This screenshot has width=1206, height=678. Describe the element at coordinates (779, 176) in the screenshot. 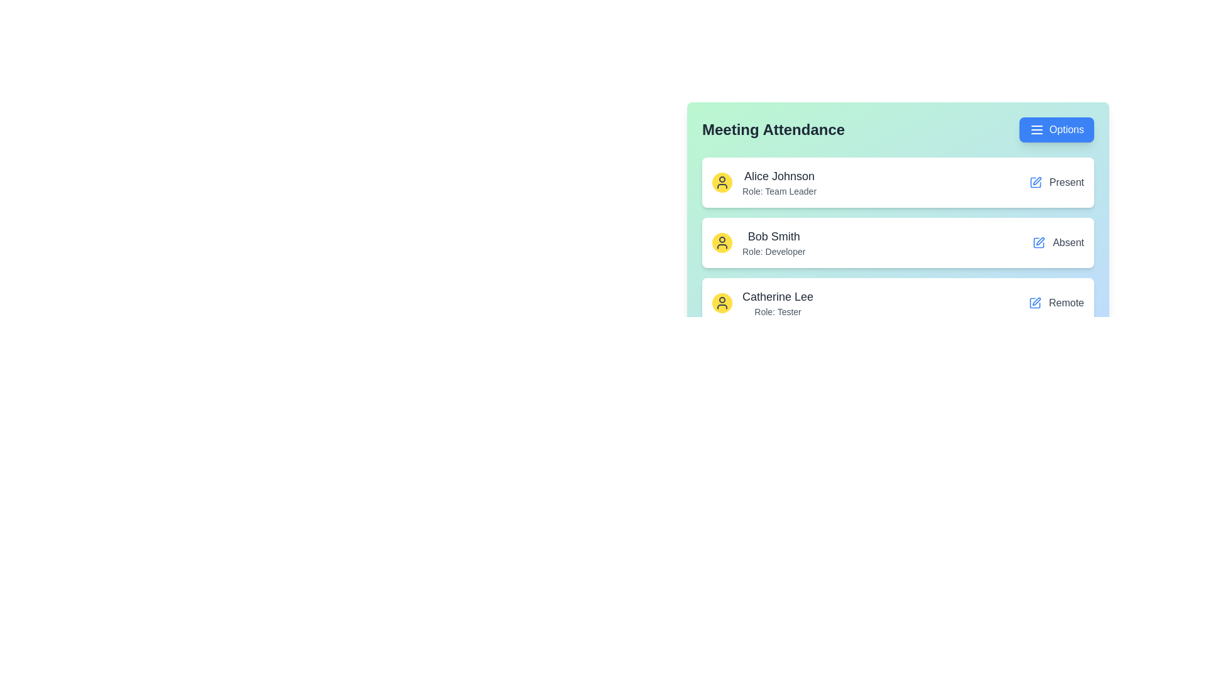

I see `the text label displaying 'Alice Johnson', which is styled in bold and located at the top of the card under 'Meeting Attendance'` at that location.